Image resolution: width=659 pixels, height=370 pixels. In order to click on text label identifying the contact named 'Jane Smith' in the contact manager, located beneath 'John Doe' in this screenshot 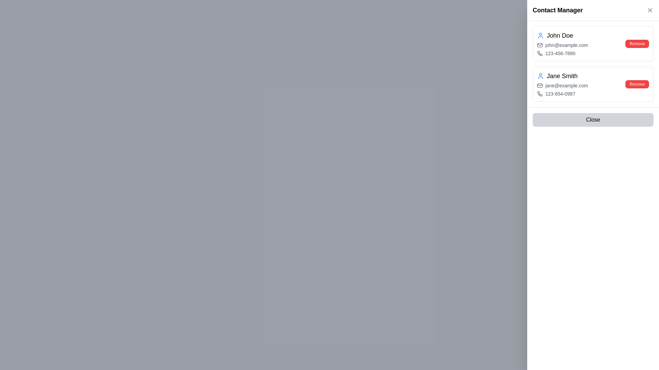, I will do `click(562, 76)`.